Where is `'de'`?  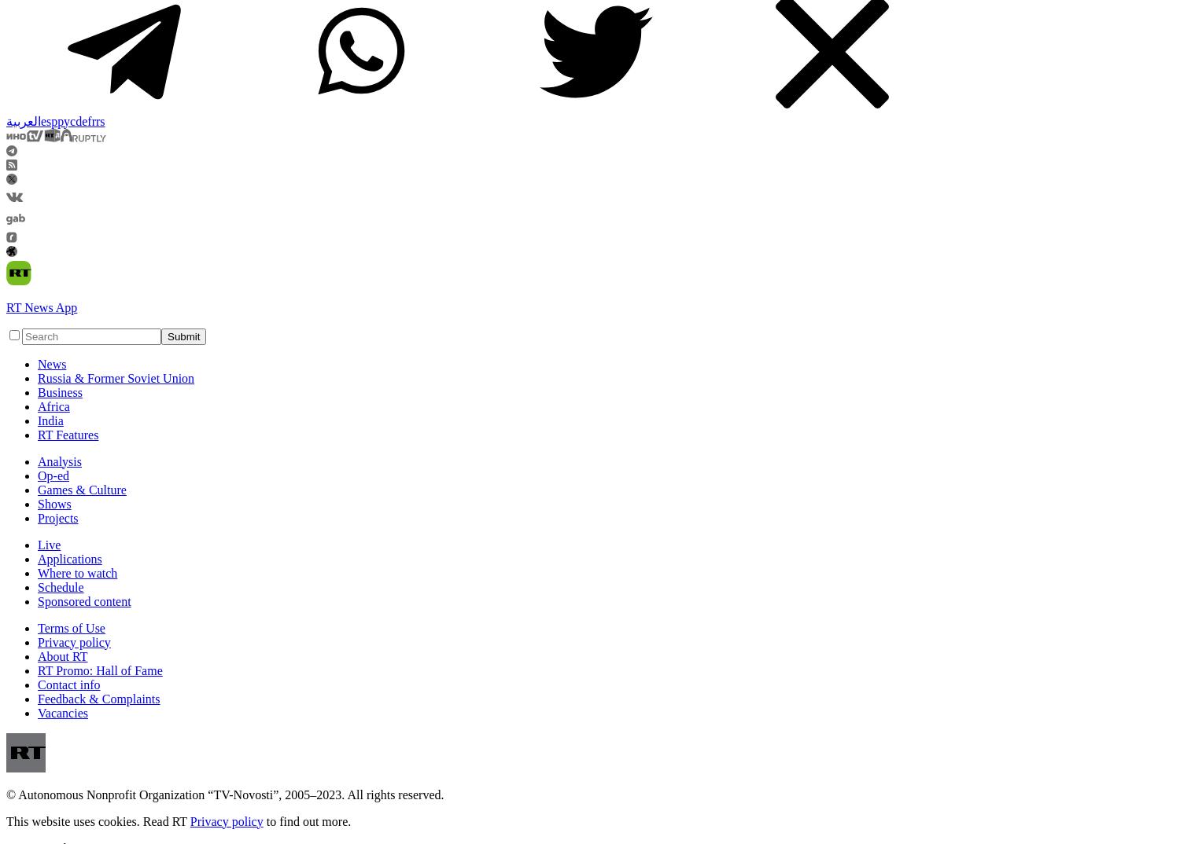
'de' is located at coordinates (80, 119).